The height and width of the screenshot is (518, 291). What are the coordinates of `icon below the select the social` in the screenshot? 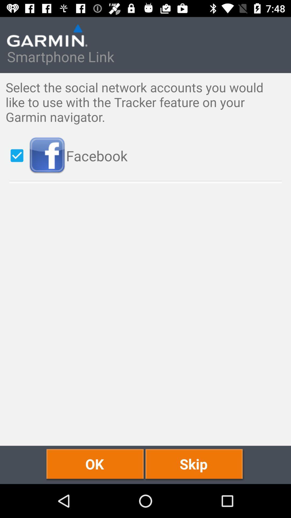 It's located at (157, 155).